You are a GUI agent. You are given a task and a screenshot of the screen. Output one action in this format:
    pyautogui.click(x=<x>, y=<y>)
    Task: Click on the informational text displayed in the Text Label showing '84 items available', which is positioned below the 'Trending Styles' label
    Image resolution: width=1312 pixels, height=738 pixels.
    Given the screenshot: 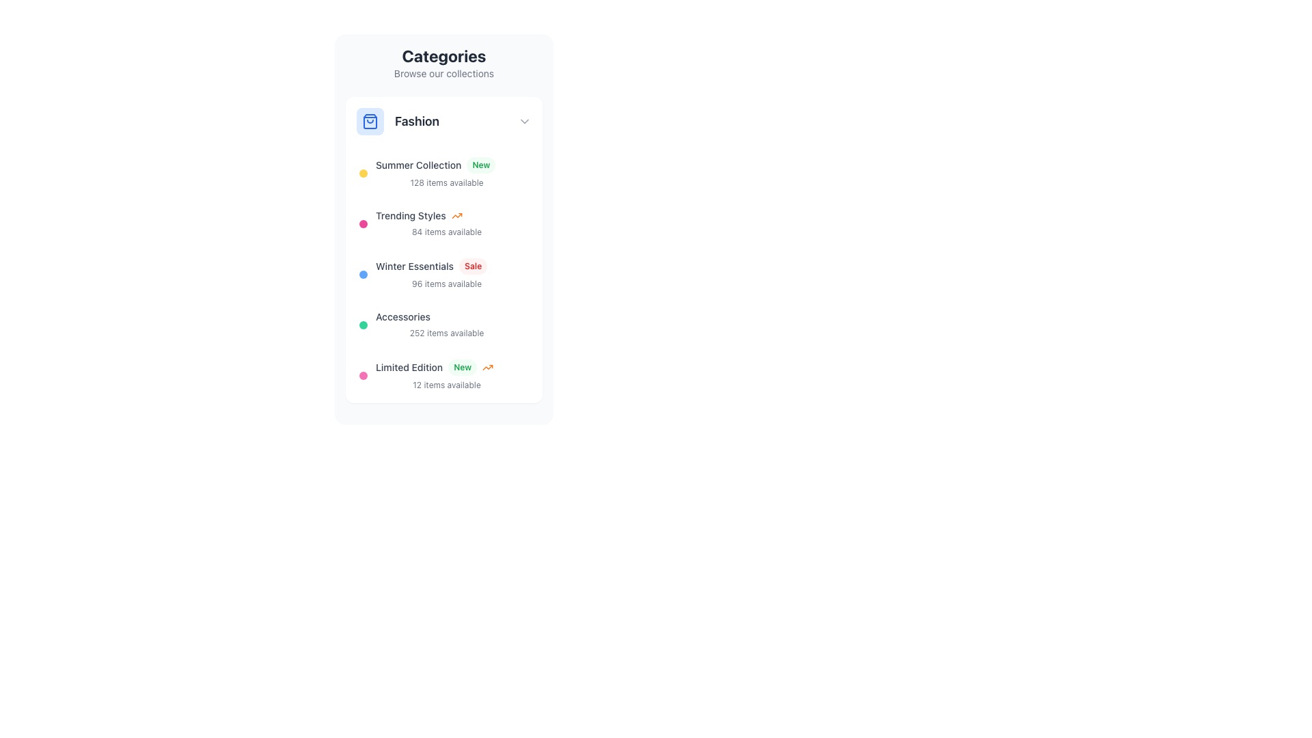 What is the action you would take?
    pyautogui.click(x=446, y=231)
    